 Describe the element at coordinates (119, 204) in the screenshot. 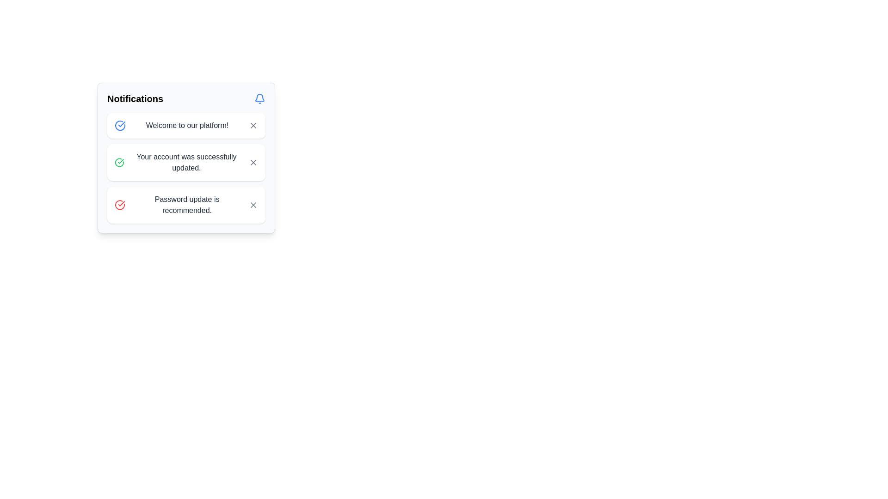

I see `the status icon located to the left of the text 'Password update is recommended' in the third notification of the vertical list within the notification panel` at that location.